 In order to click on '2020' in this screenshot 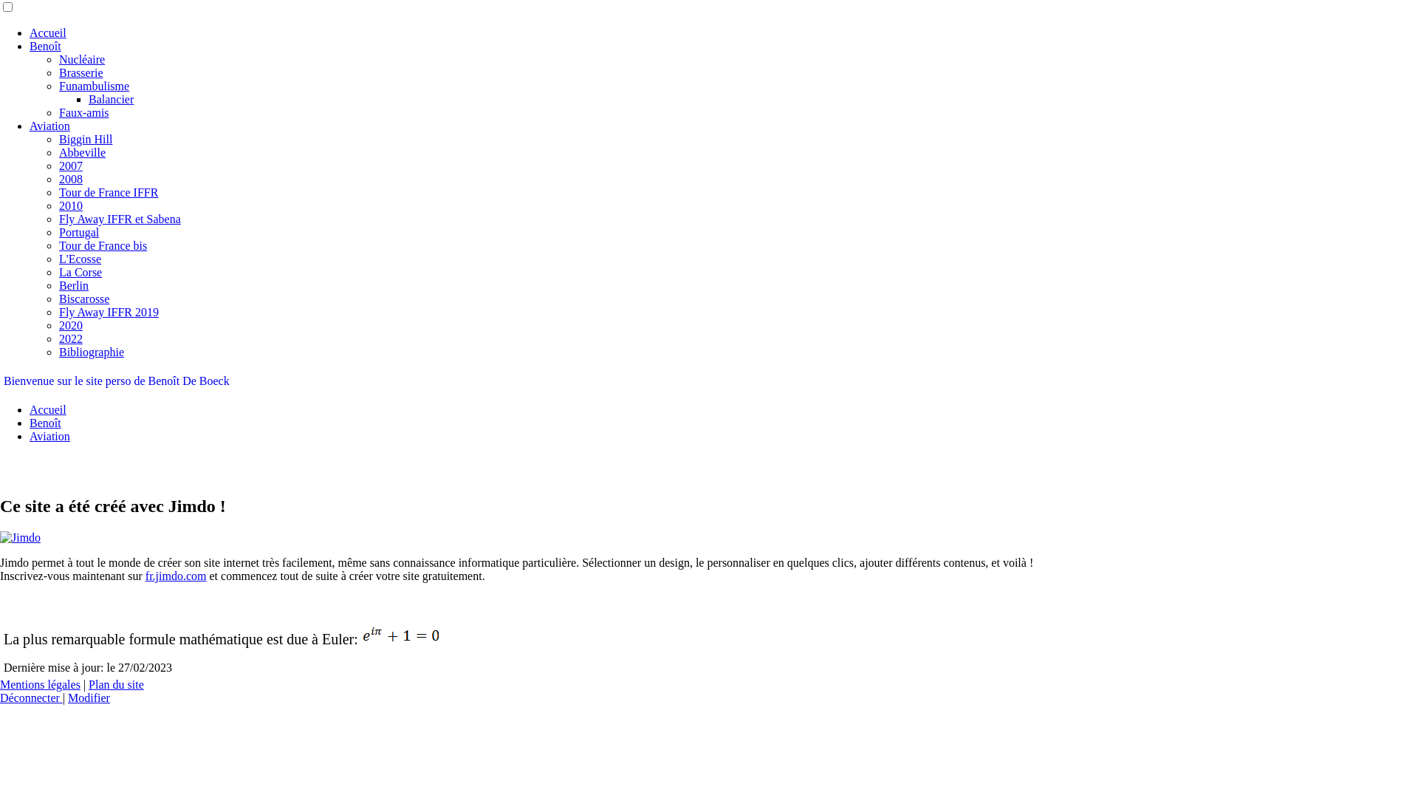, I will do `click(59, 324)`.